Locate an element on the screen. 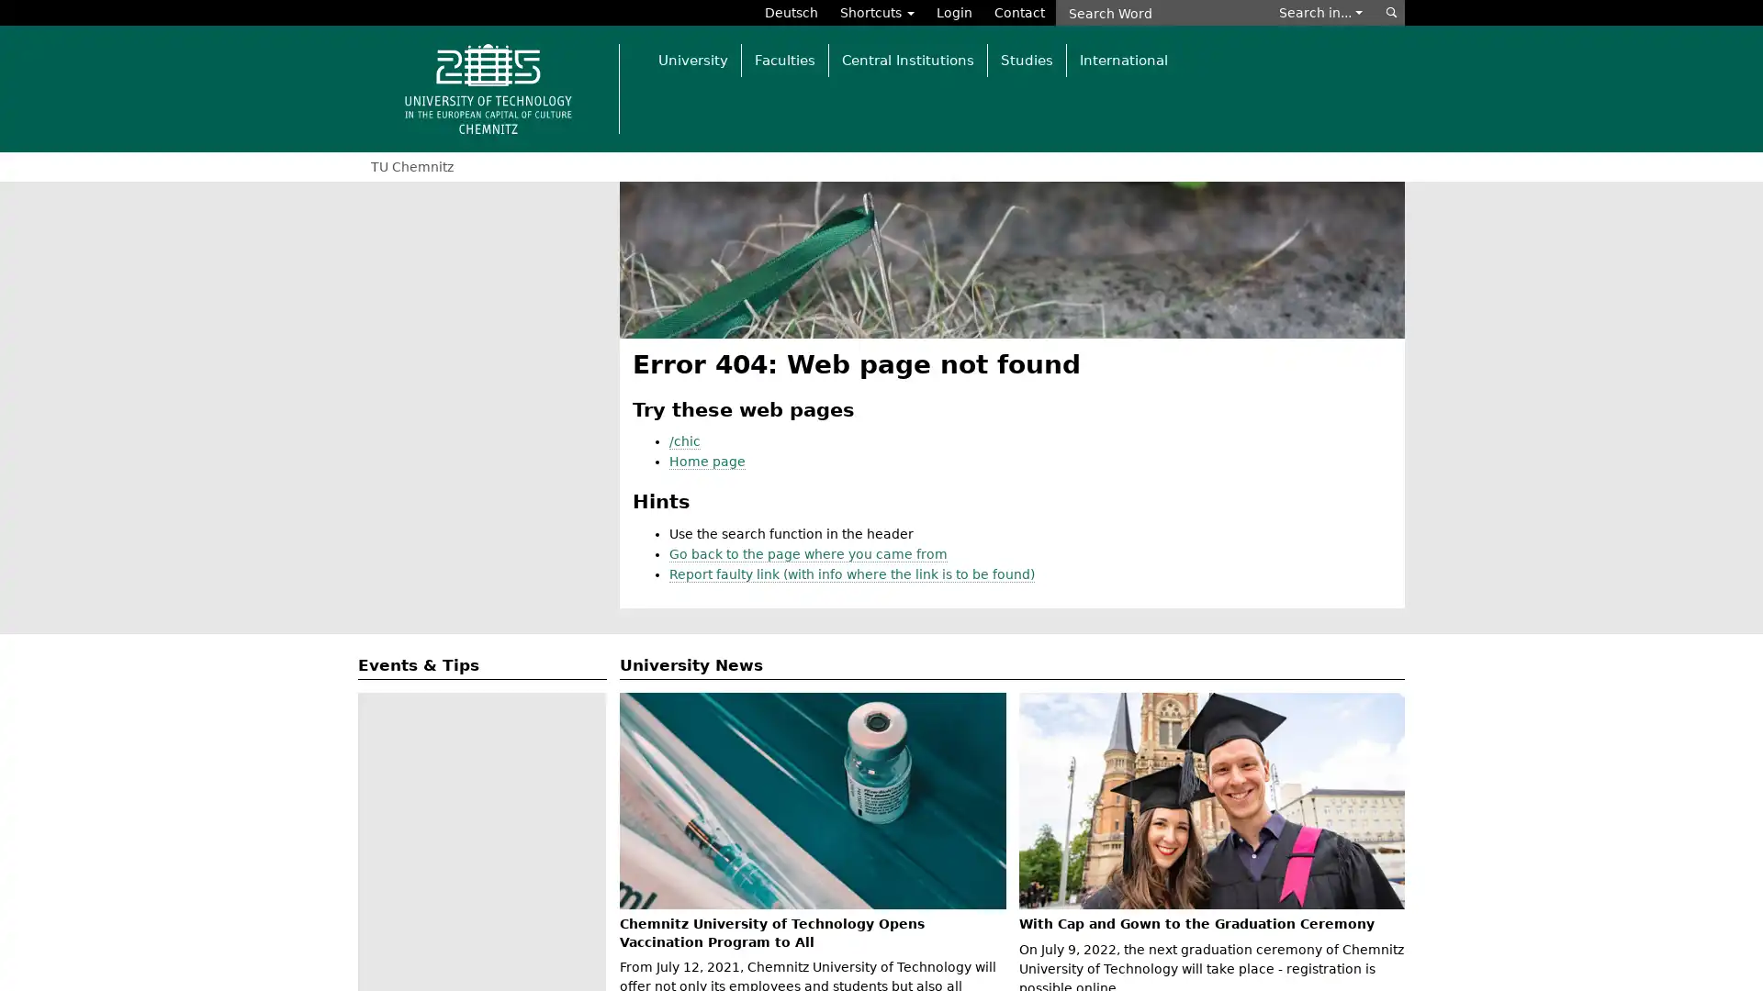 Image resolution: width=1763 pixels, height=991 pixels. International is located at coordinates (1122, 59).